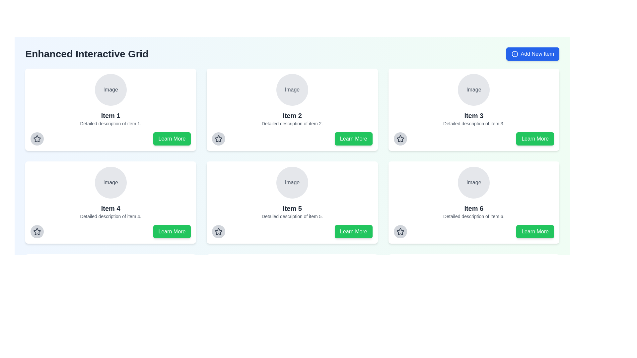 The image size is (637, 358). Describe the element at coordinates (219, 231) in the screenshot. I see `the circular button with a star icon located` at that location.